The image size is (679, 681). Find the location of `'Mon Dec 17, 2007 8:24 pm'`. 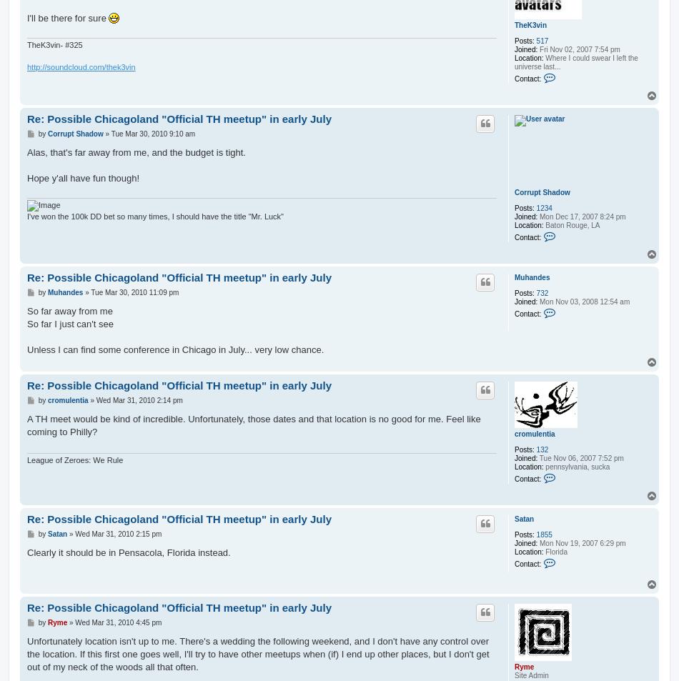

'Mon Dec 17, 2007 8:24 pm' is located at coordinates (580, 216).